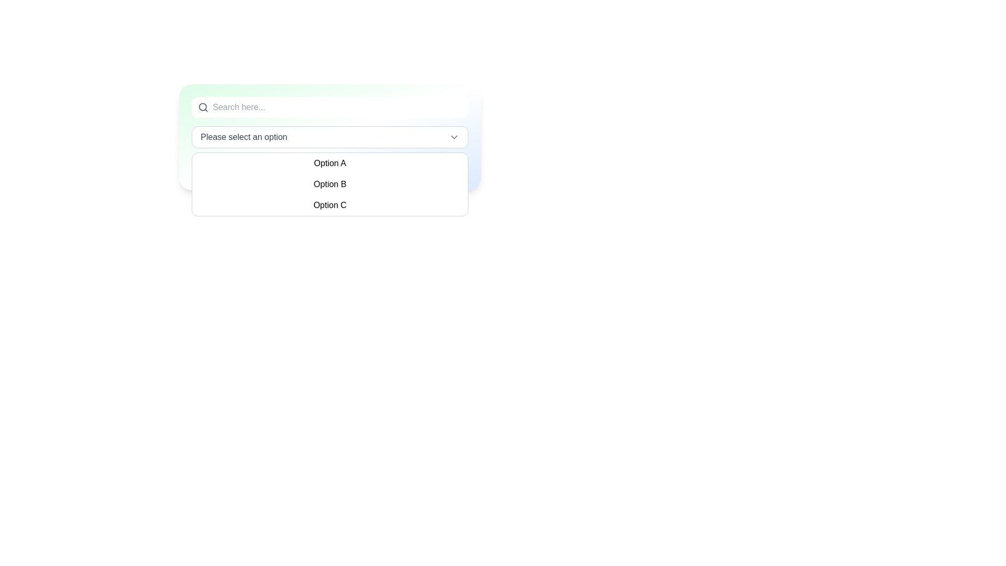 The image size is (1006, 566). Describe the element at coordinates (329, 137) in the screenshot. I see `the dropdown arrow of the menu labeled 'Please select an option'` at that location.